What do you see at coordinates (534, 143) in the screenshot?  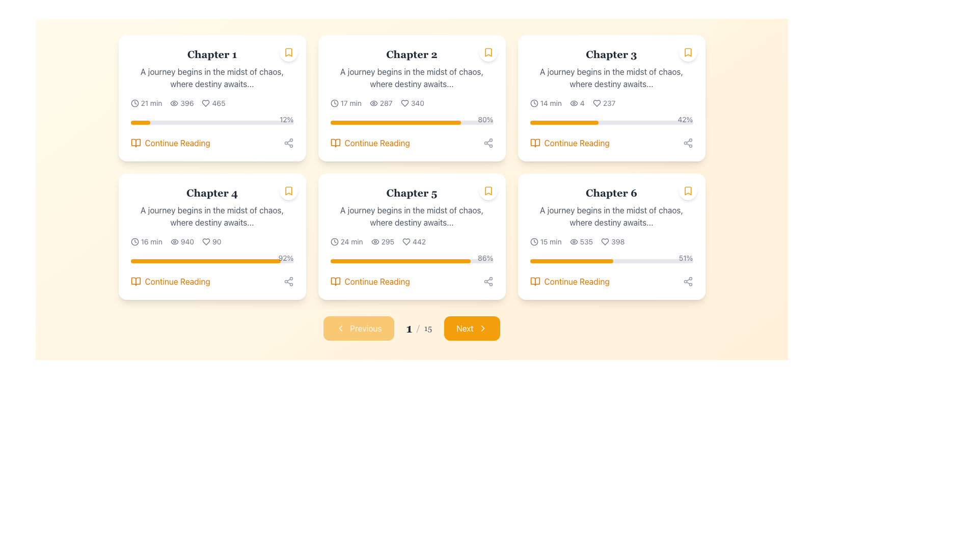 I see `the small, stylized open book icon located to the left of the 'Continue Reading' text button beneath 'Chapter 3'` at bounding box center [534, 143].